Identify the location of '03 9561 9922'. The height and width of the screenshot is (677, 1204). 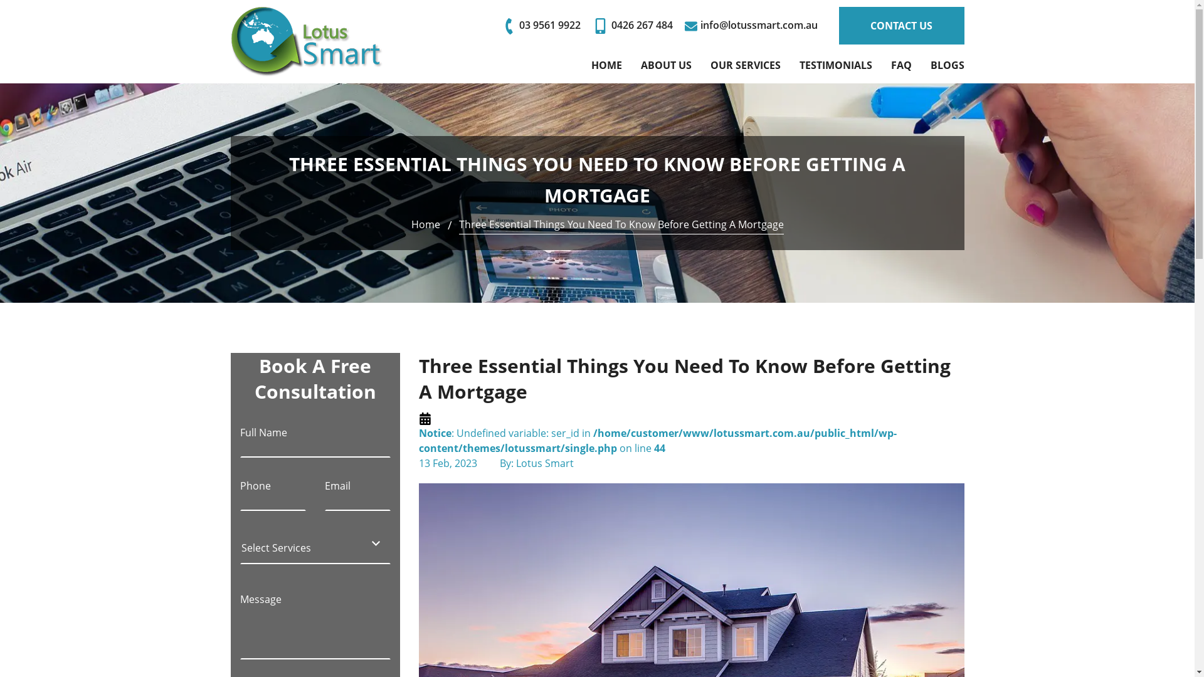
(541, 24).